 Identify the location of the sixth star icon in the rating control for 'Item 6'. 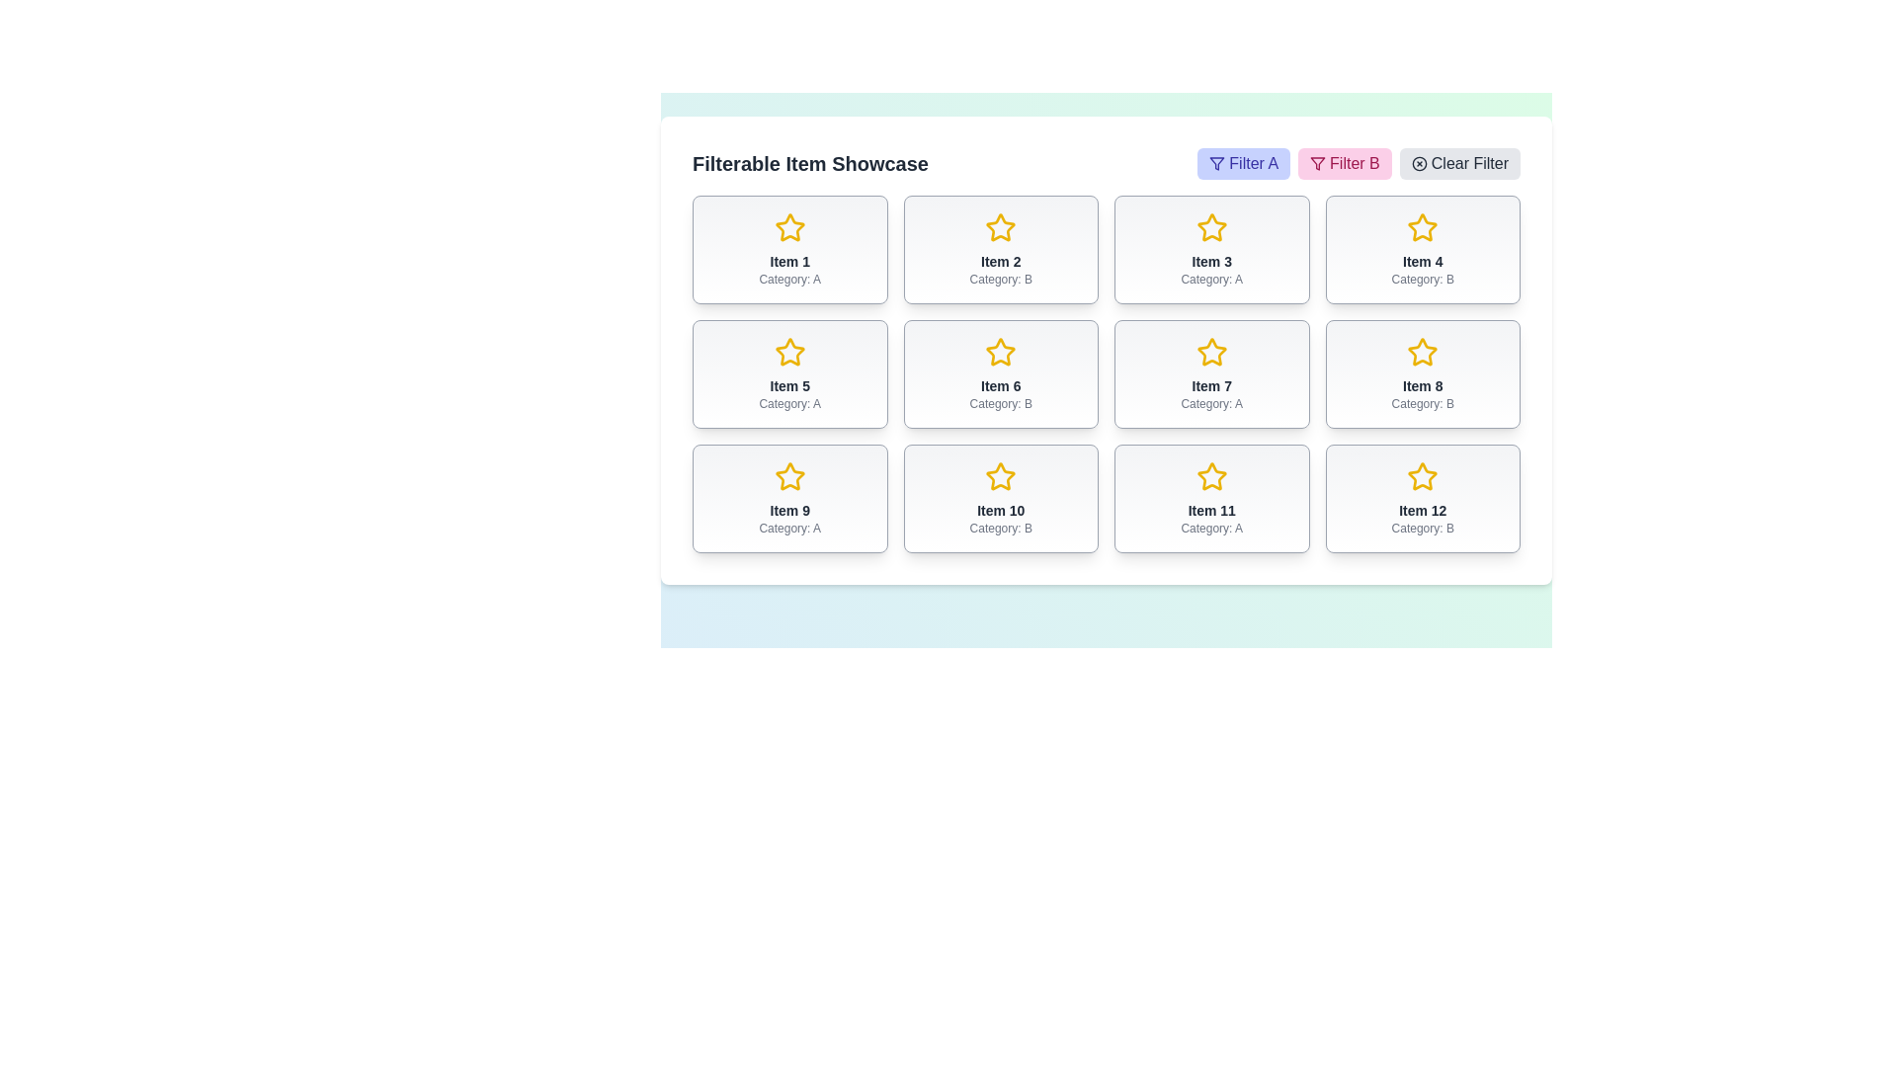
(1001, 351).